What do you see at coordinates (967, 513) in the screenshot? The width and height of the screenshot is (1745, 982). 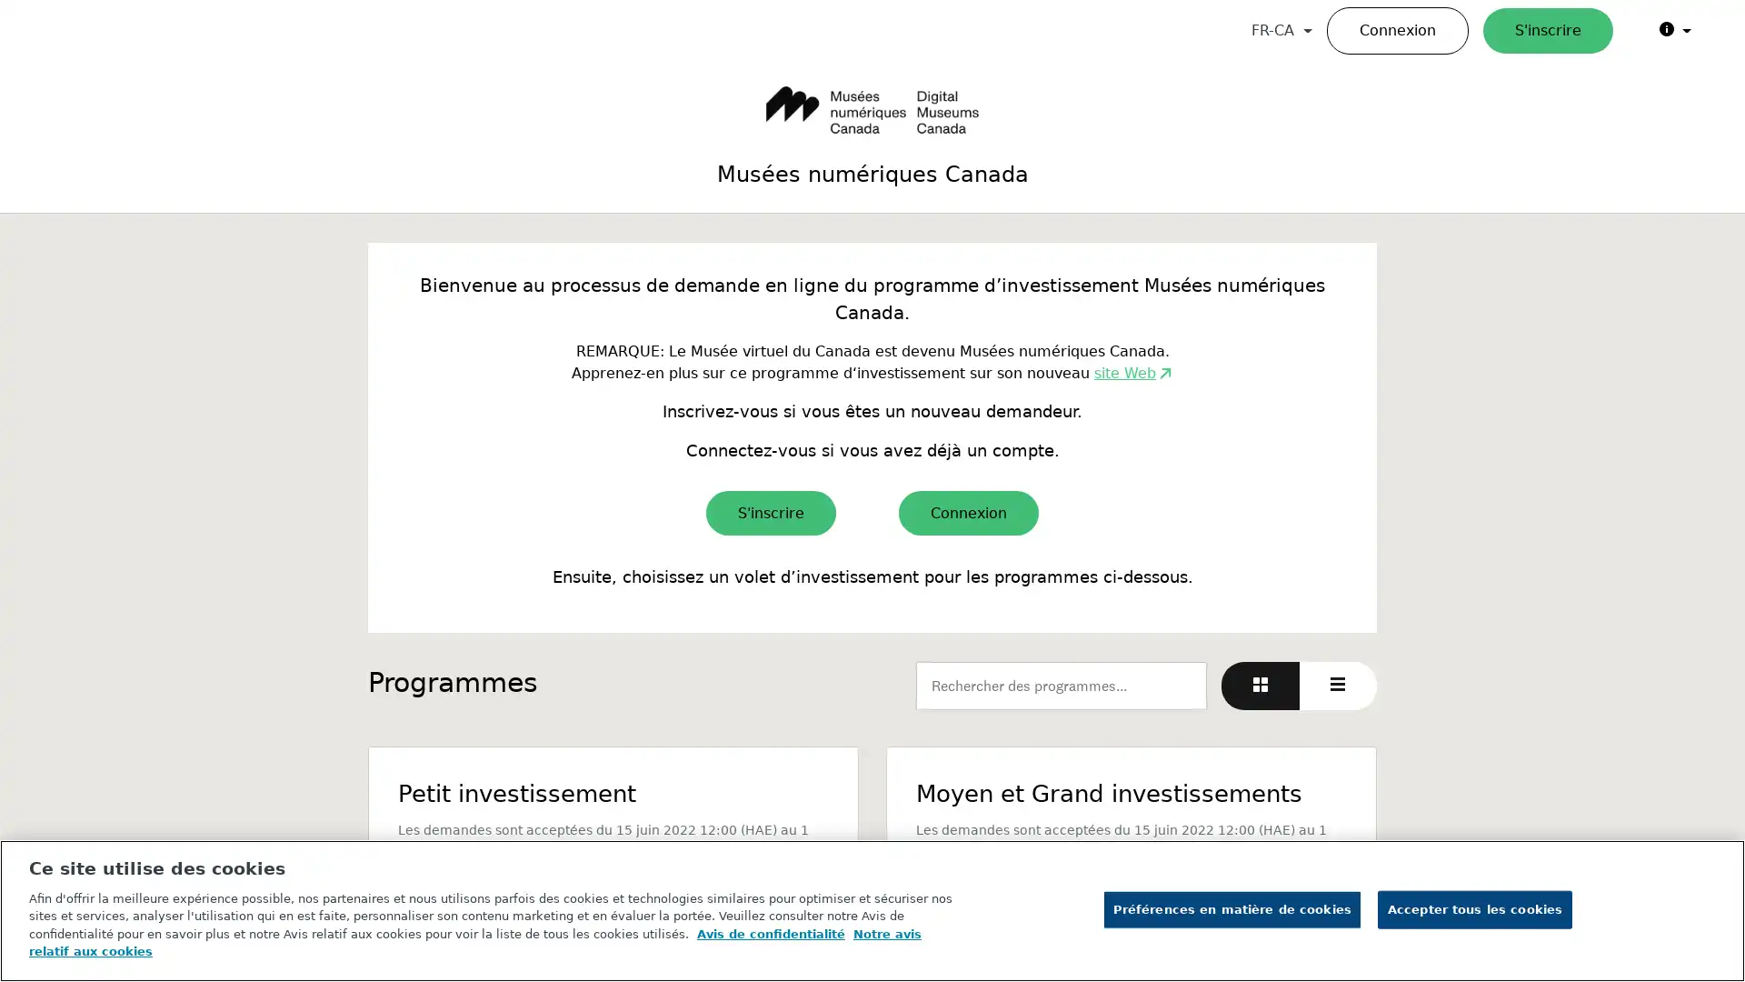 I see `Connexion` at bounding box center [967, 513].